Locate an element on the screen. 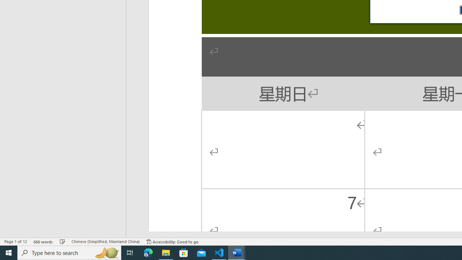  'Page Number Page 1 of 12' is located at coordinates (16, 242).